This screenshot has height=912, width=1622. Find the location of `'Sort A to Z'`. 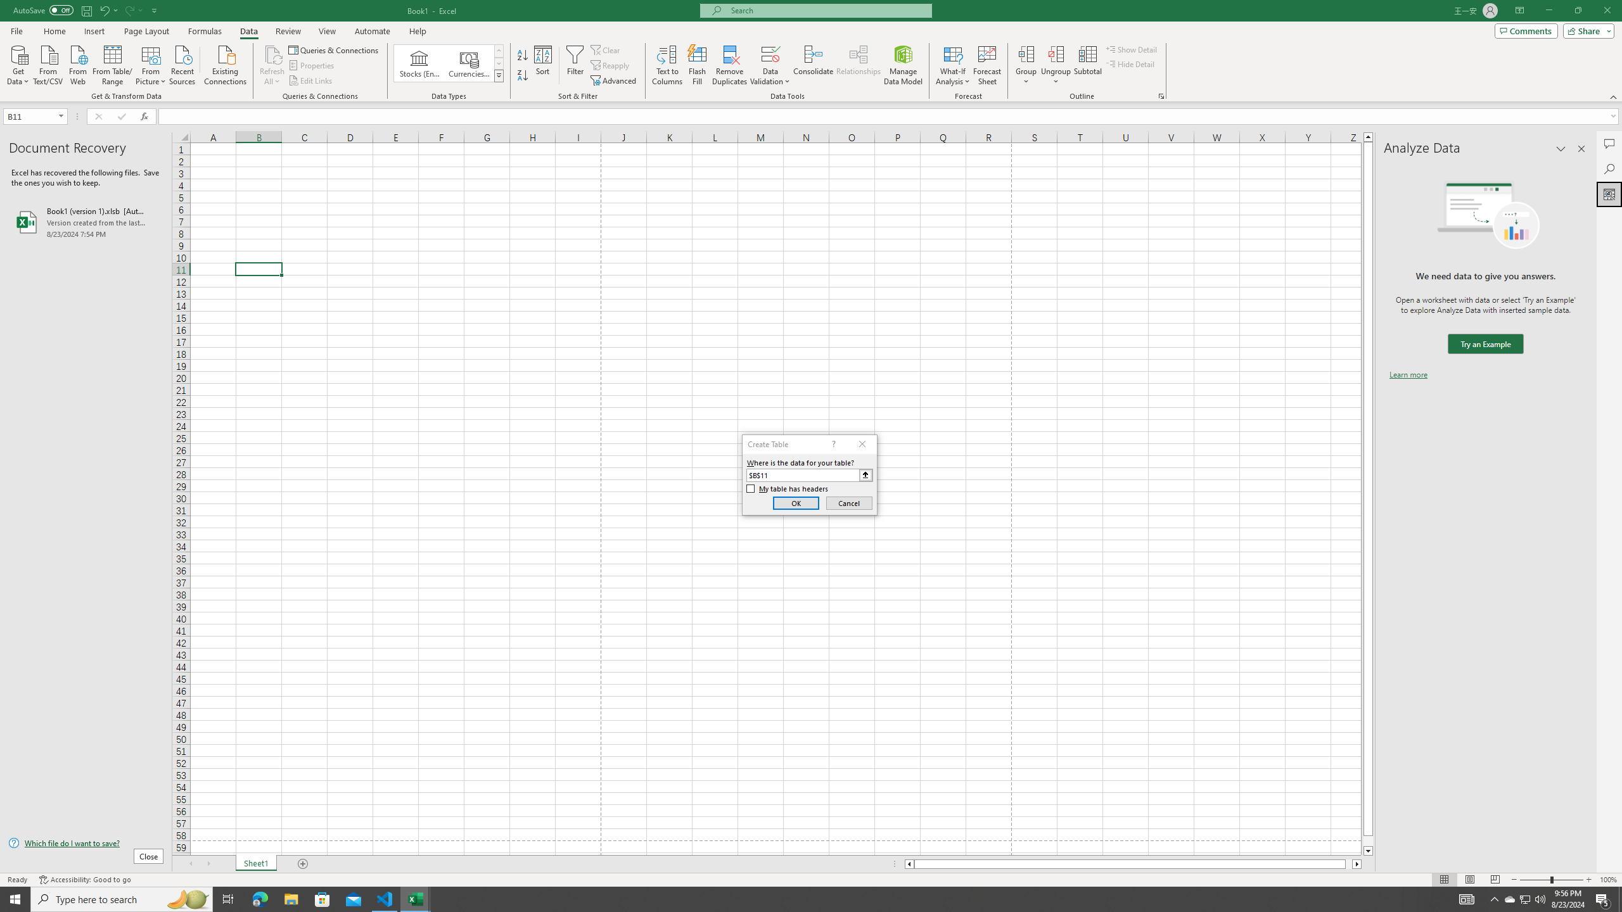

'Sort A to Z' is located at coordinates (522, 55).